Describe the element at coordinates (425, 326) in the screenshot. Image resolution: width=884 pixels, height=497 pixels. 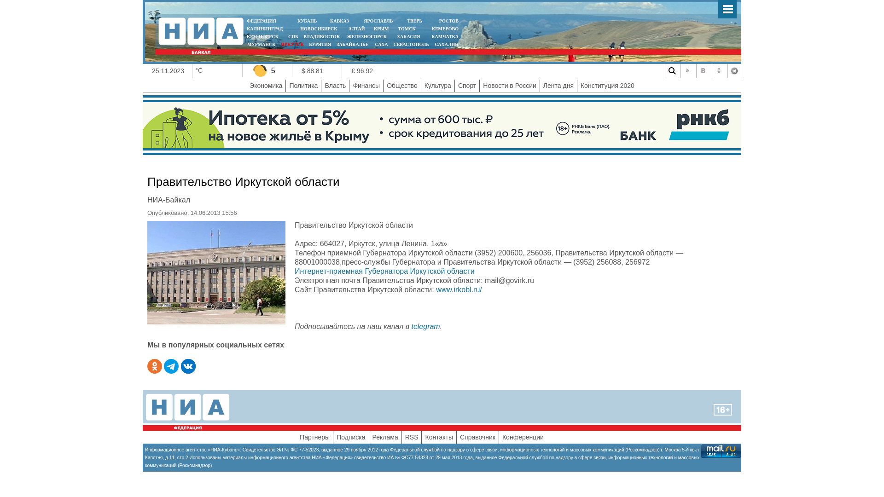
I see `'telegram'` at that location.